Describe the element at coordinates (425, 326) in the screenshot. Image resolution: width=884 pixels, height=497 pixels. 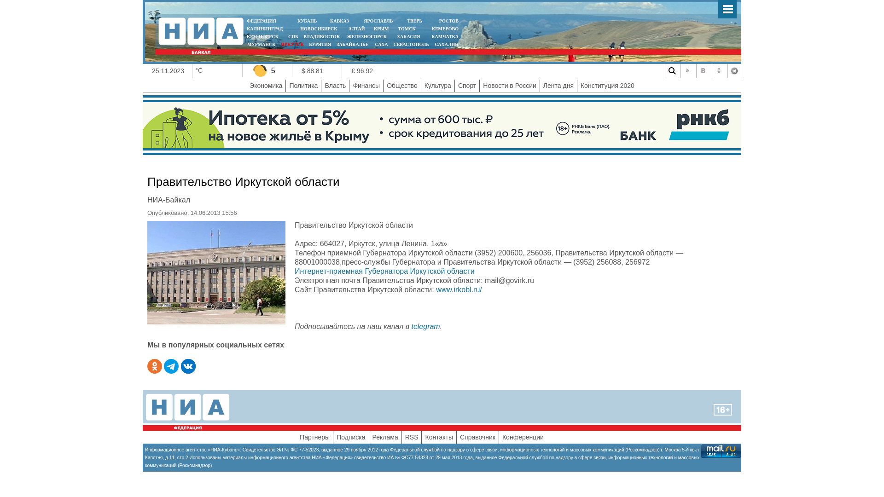
I see `'telegram'` at that location.